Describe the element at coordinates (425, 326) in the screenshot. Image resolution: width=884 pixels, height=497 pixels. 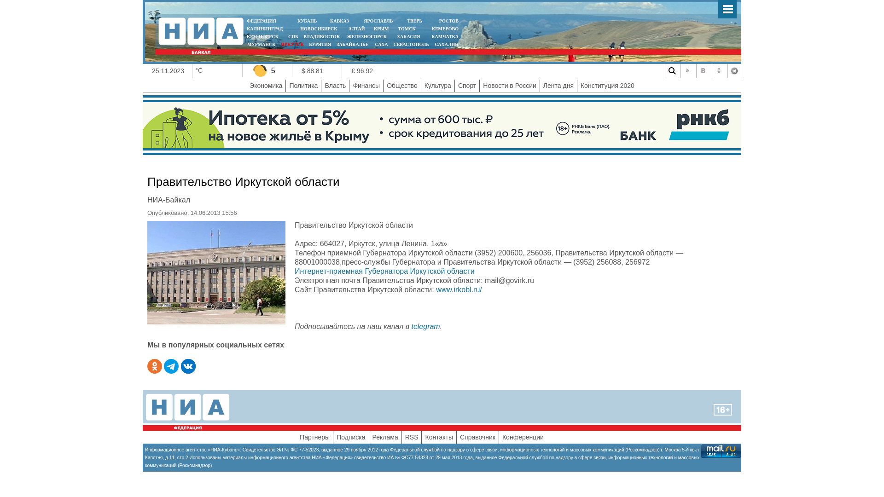
I see `'telegram'` at that location.